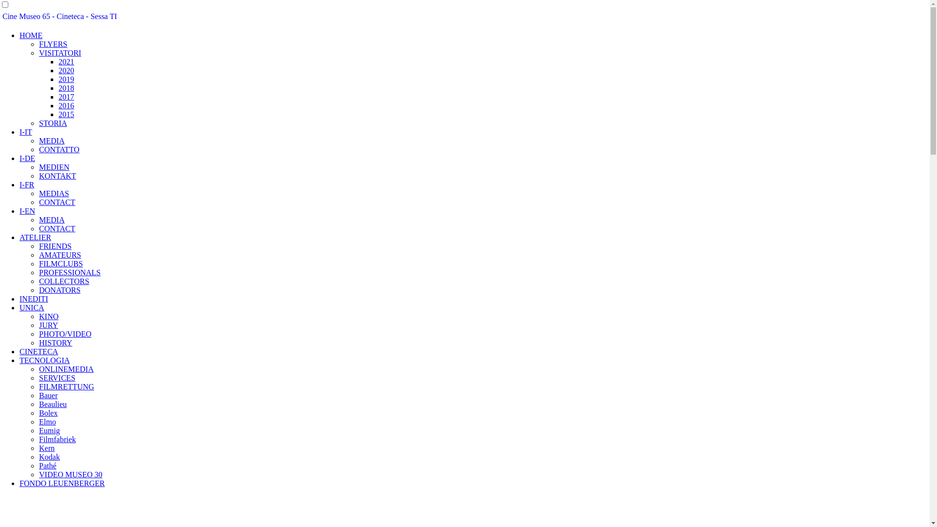  Describe the element at coordinates (48, 413) in the screenshot. I see `'Bolex'` at that location.